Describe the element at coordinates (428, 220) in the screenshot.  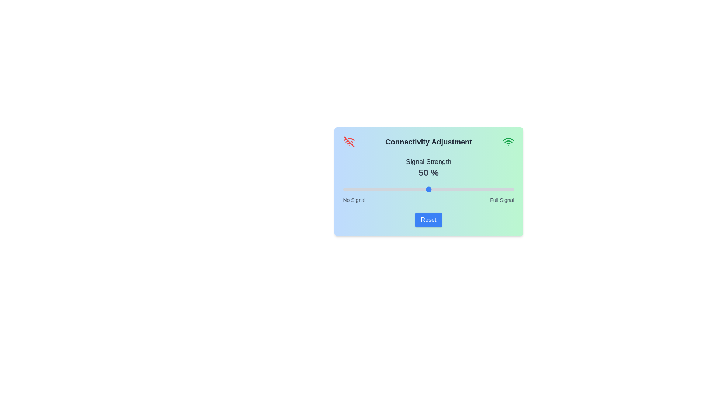
I see `the 'Reset' button to reset the signal strength` at that location.